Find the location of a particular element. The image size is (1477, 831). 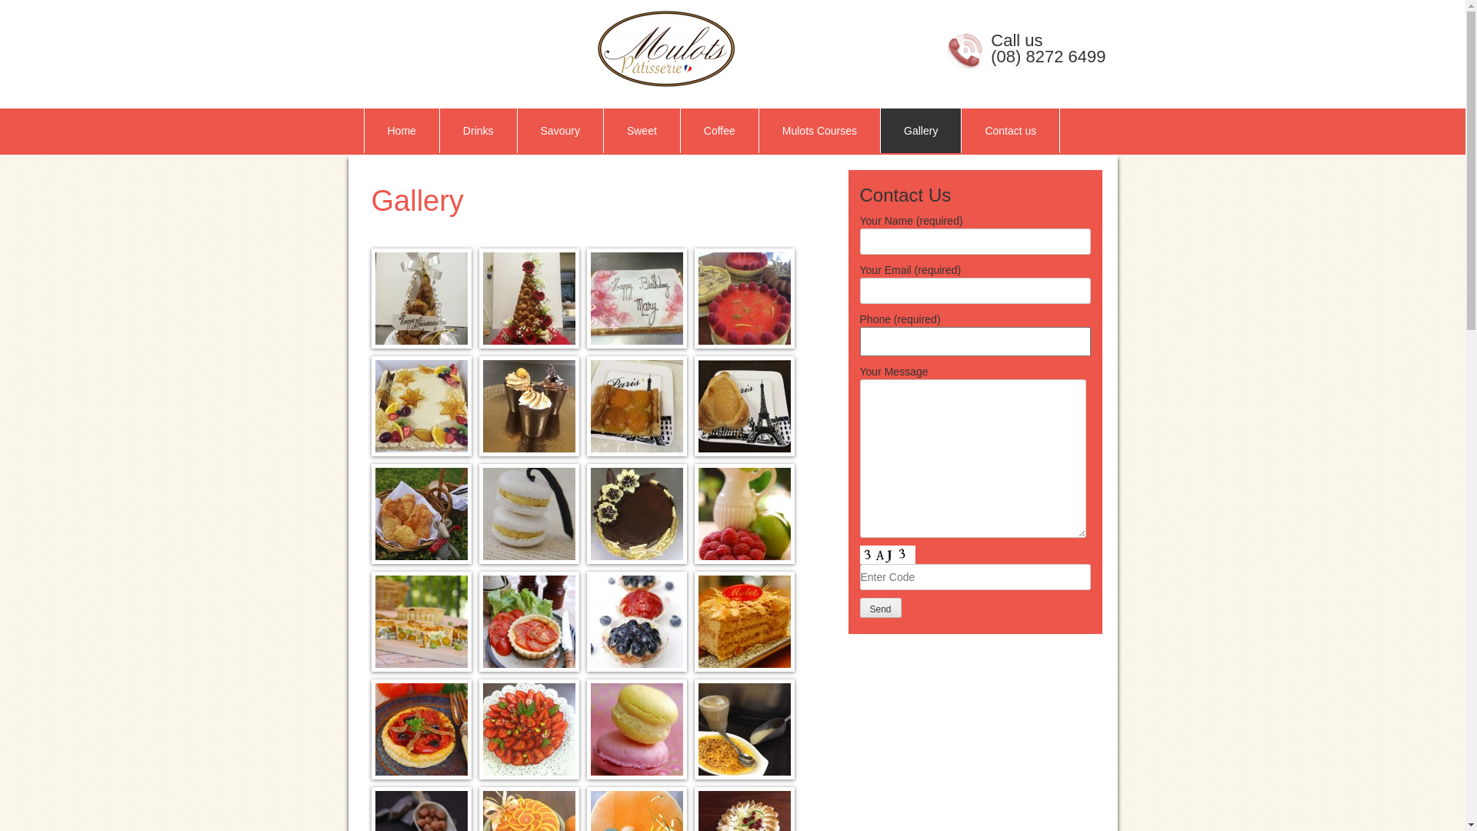

'Mulots Patisserie' is located at coordinates (665, 47).